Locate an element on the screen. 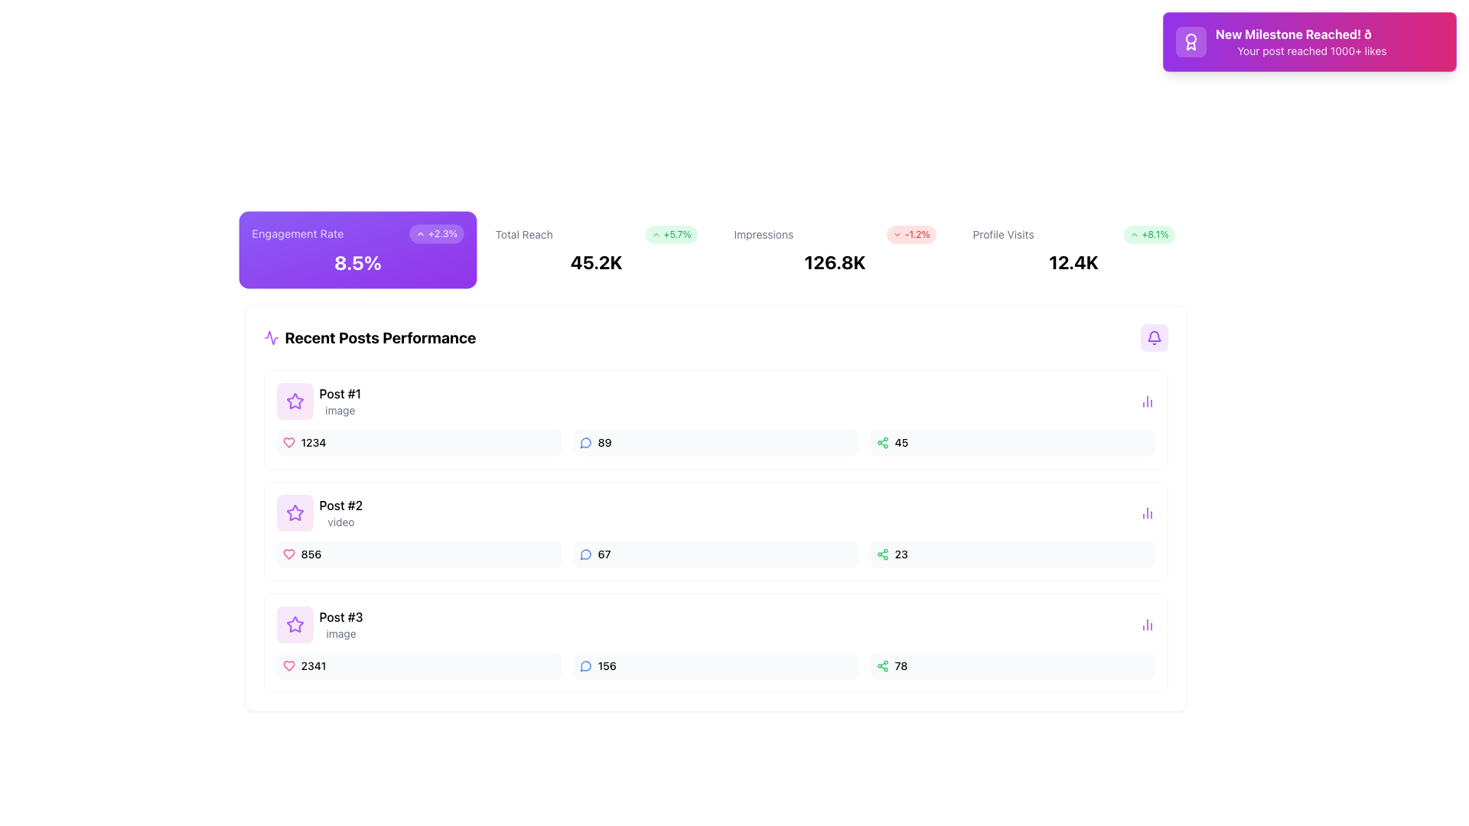 The height and width of the screenshot is (826, 1469). the icon in the left-hand section of the 'Post #1' row in the 'Recent Posts Performance' section for visual information is located at coordinates (295, 513).